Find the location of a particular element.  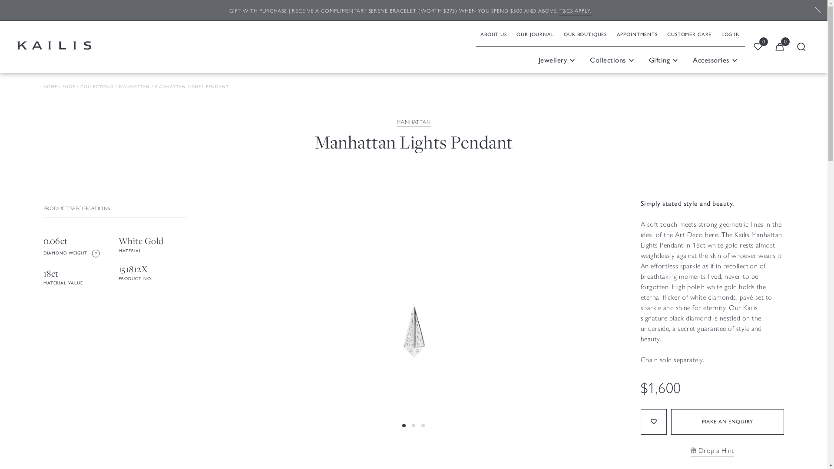

'OPEN SEARCH' is located at coordinates (801, 47).